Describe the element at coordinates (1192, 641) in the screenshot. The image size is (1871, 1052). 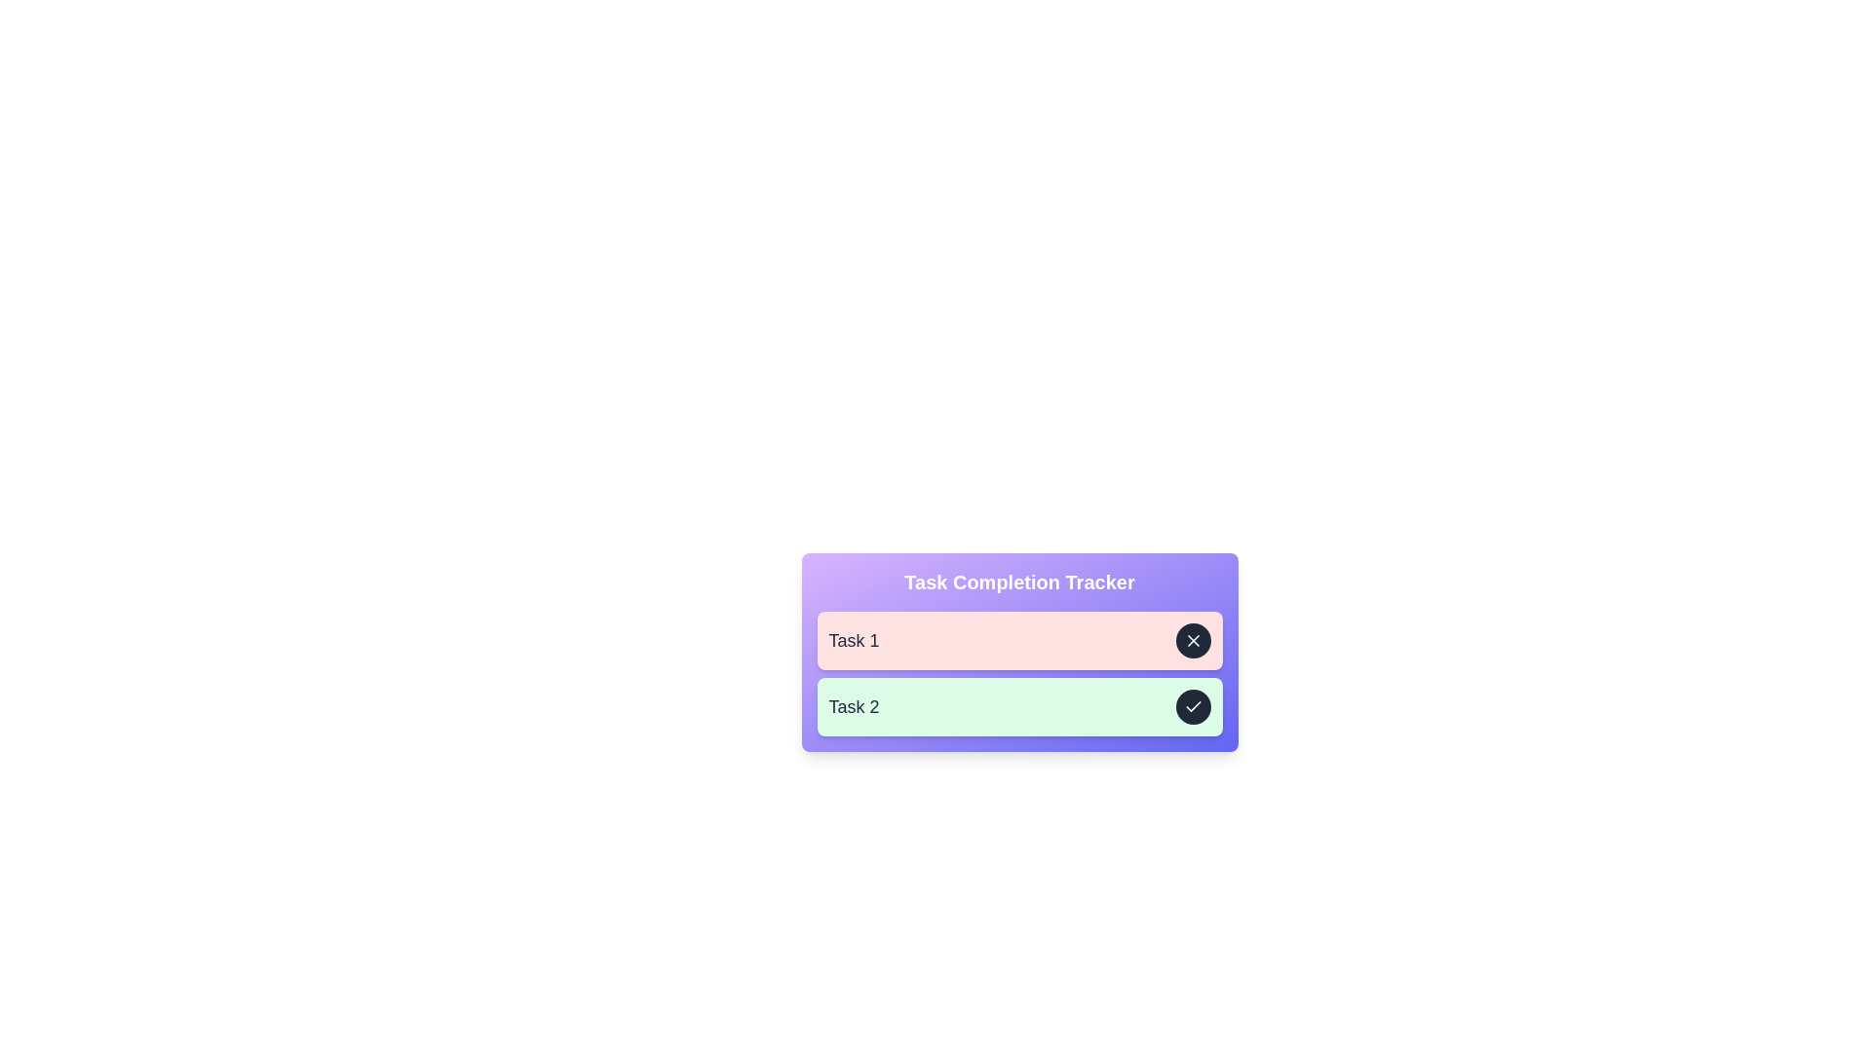
I see `the circular dark gray button with a white 'X' icon located at the far right of the task panel labeled 'Task 1'` at that location.